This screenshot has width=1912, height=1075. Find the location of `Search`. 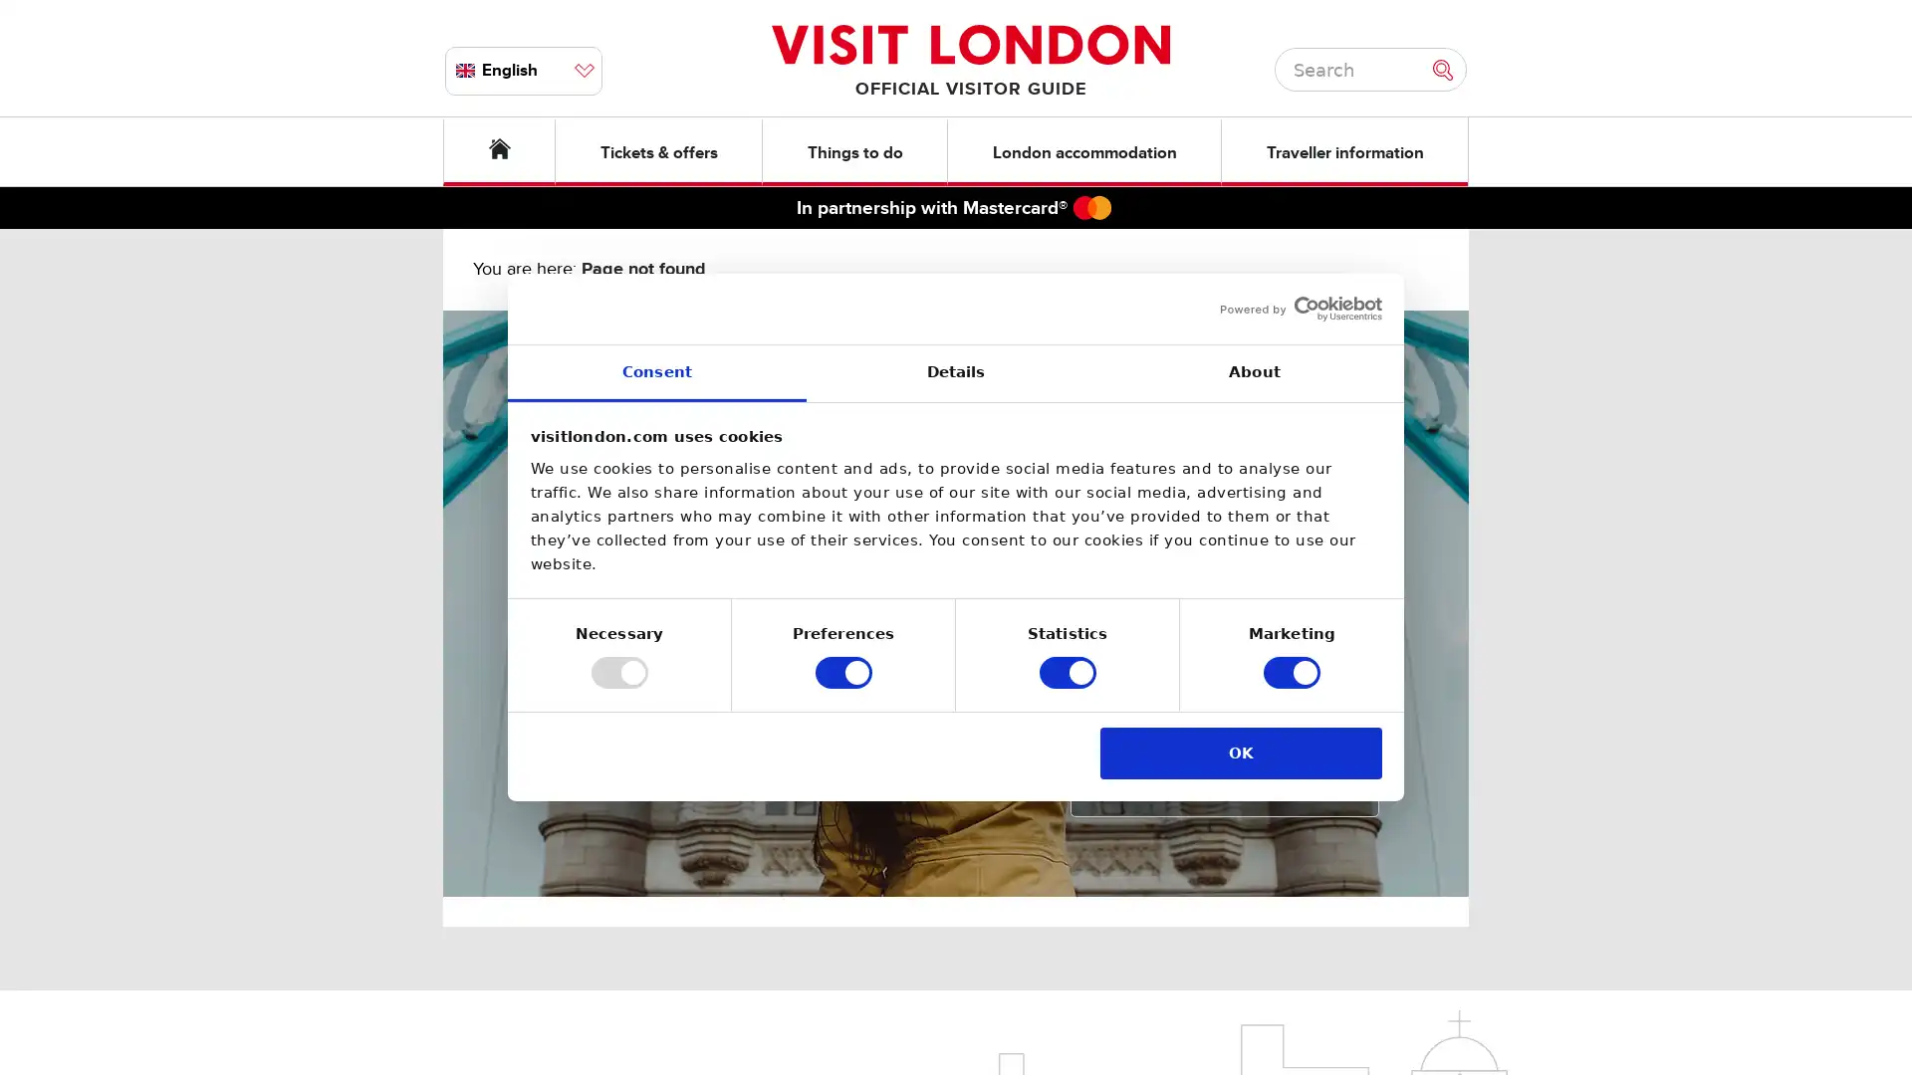

Search is located at coordinates (1448, 68).